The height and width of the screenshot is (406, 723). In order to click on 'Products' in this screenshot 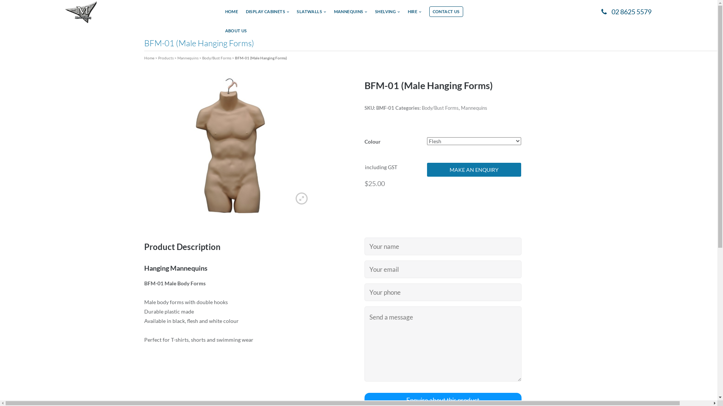, I will do `click(165, 58)`.